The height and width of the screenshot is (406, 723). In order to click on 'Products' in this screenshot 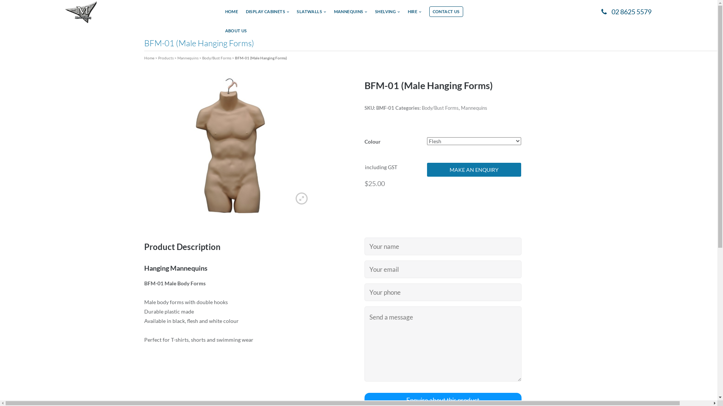, I will do `click(165, 58)`.